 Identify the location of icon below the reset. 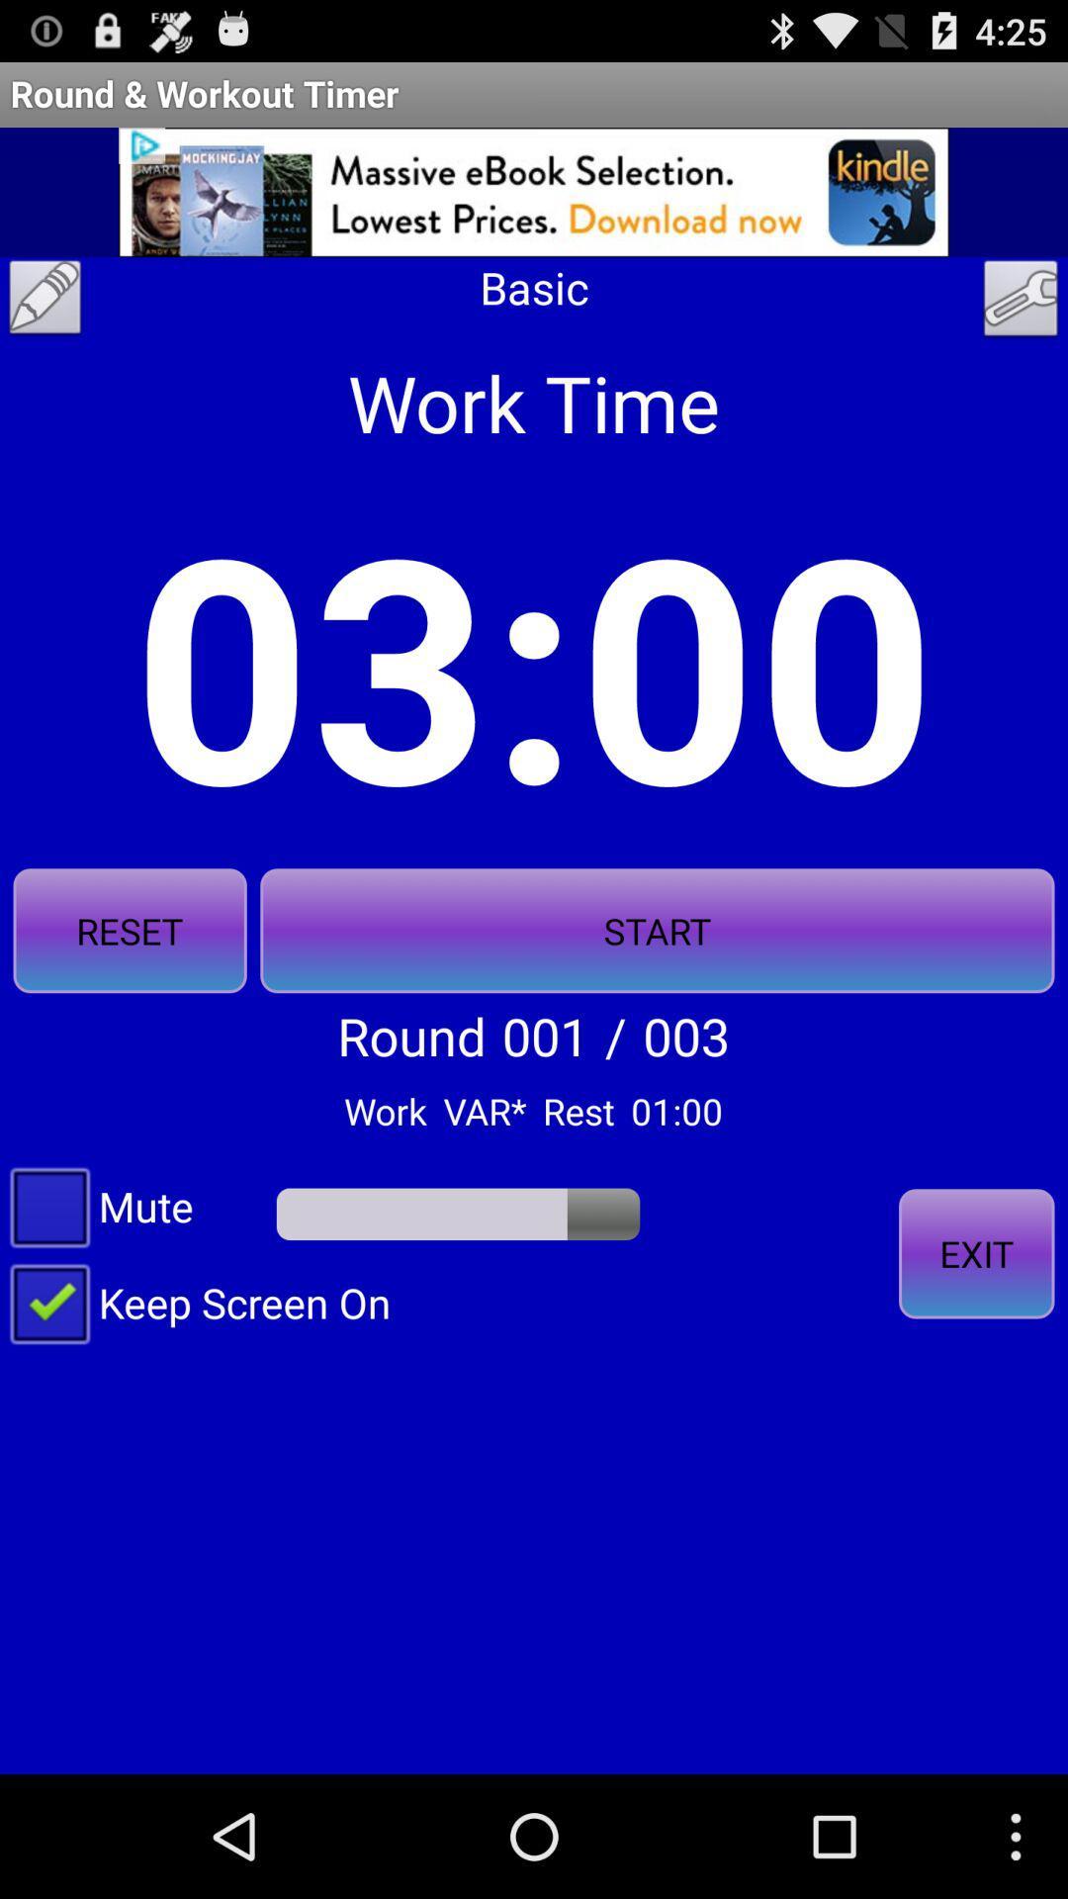
(102, 1205).